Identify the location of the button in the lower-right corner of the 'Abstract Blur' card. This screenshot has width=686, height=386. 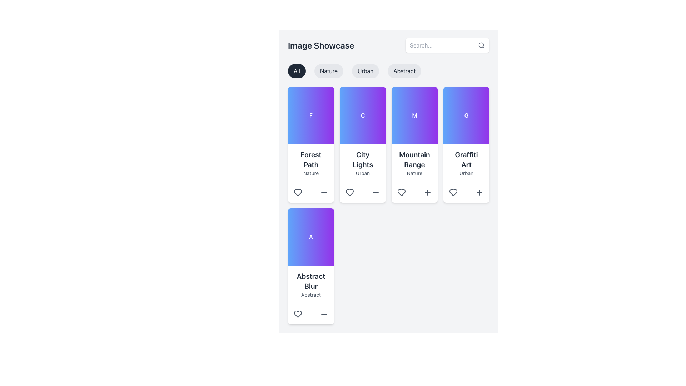
(324, 314).